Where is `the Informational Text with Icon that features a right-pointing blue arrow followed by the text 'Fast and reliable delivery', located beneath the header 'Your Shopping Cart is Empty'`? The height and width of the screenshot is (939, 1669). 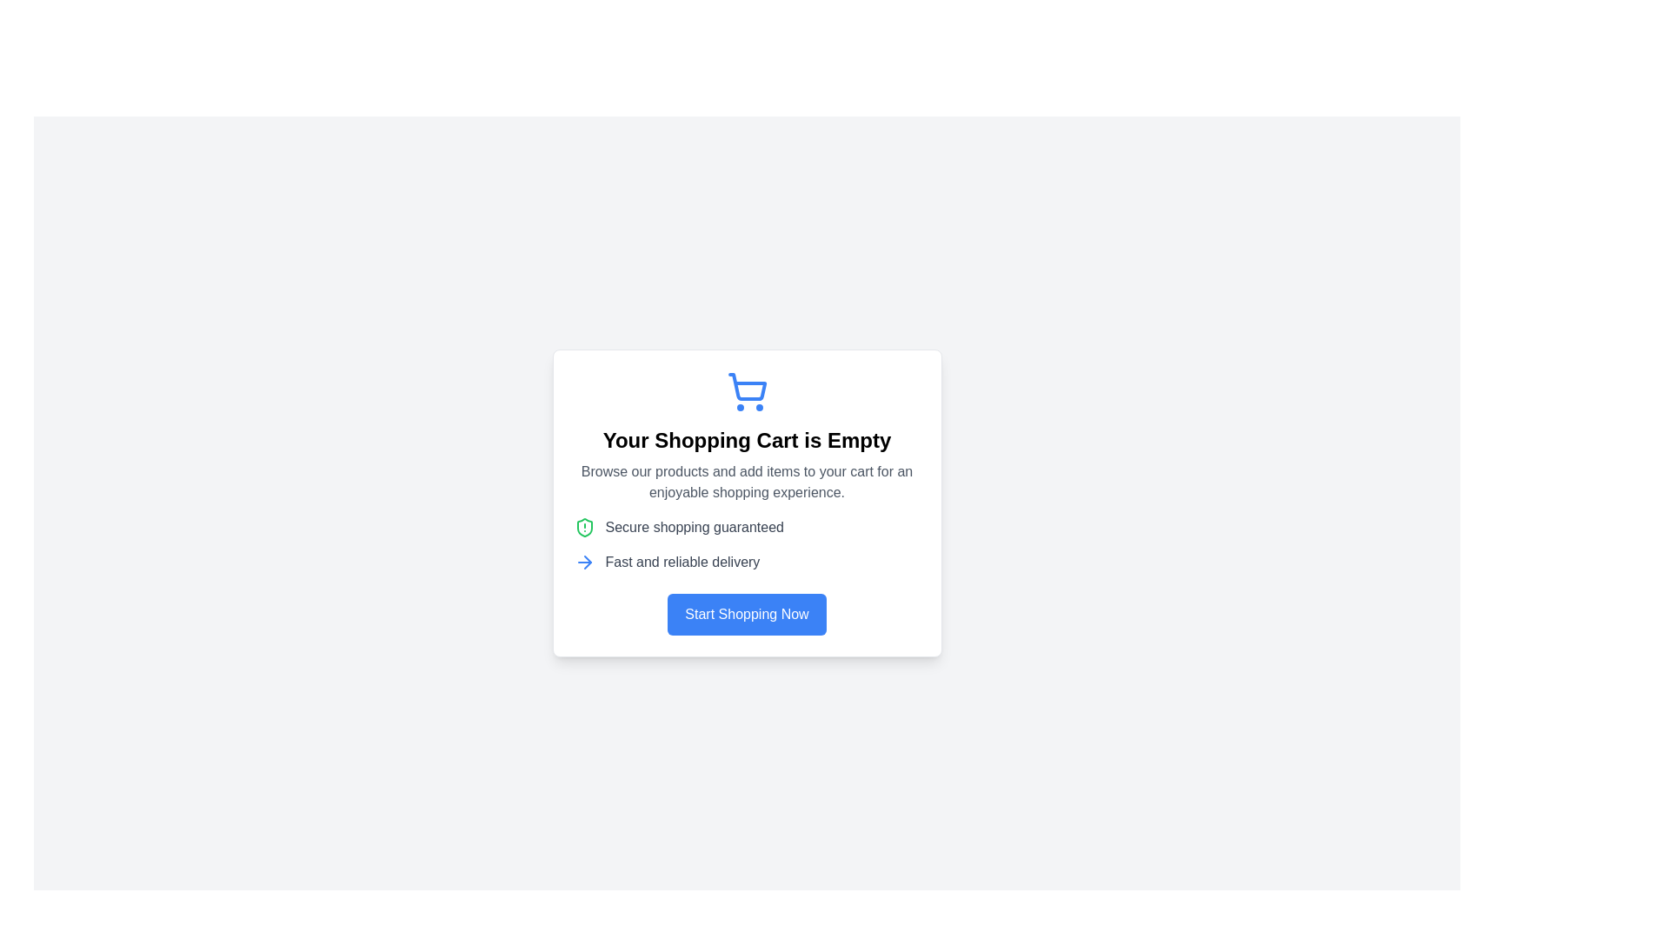 the Informational Text with Icon that features a right-pointing blue arrow followed by the text 'Fast and reliable delivery', located beneath the header 'Your Shopping Cart is Empty' is located at coordinates (747, 563).